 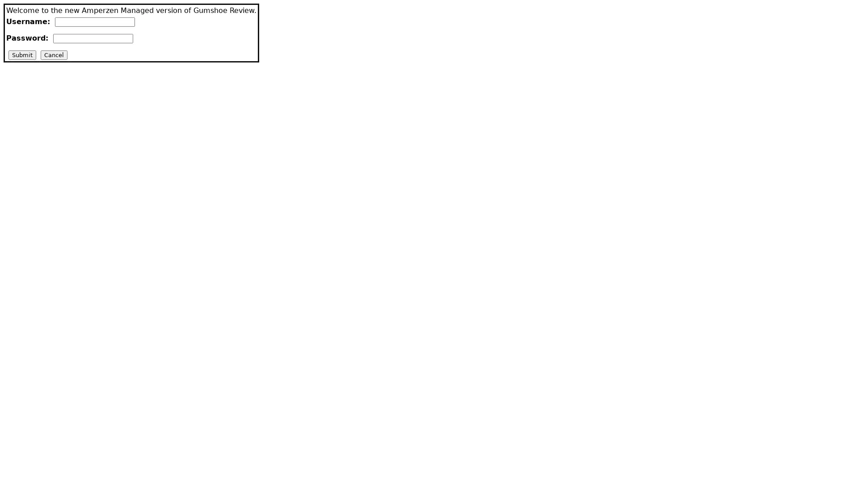 I want to click on Submit, so click(x=22, y=55).